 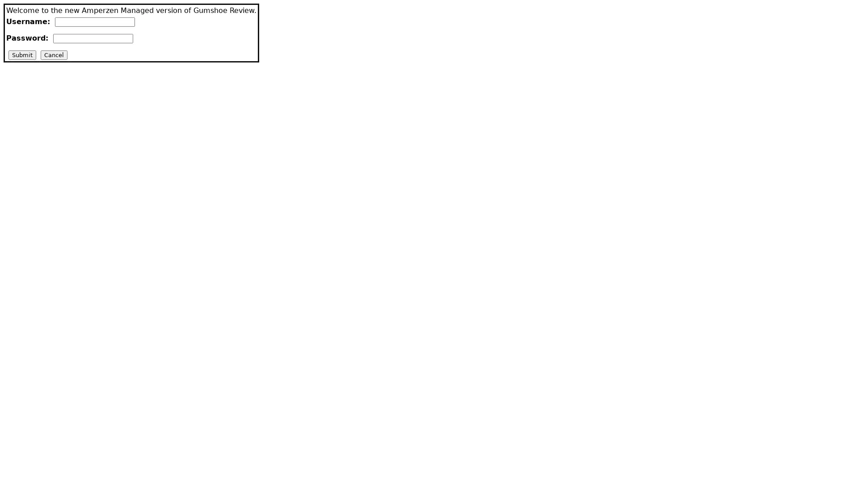 I want to click on Submit, so click(x=22, y=55).